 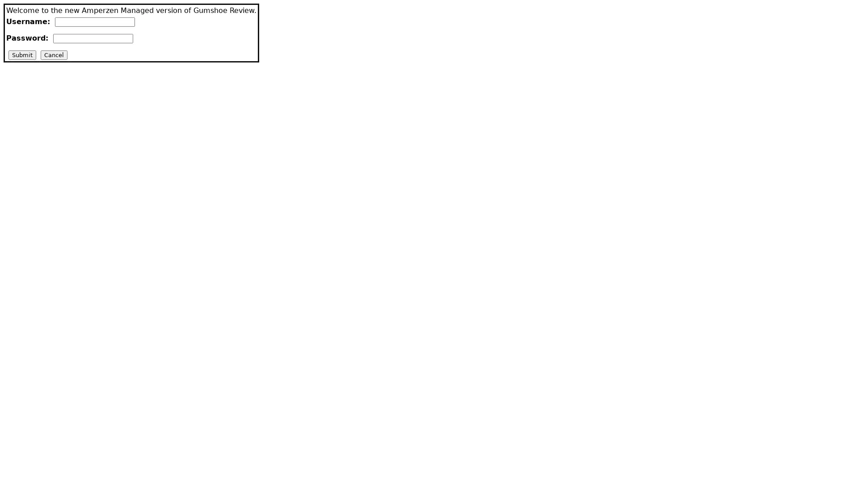 I want to click on Submit, so click(x=22, y=55).